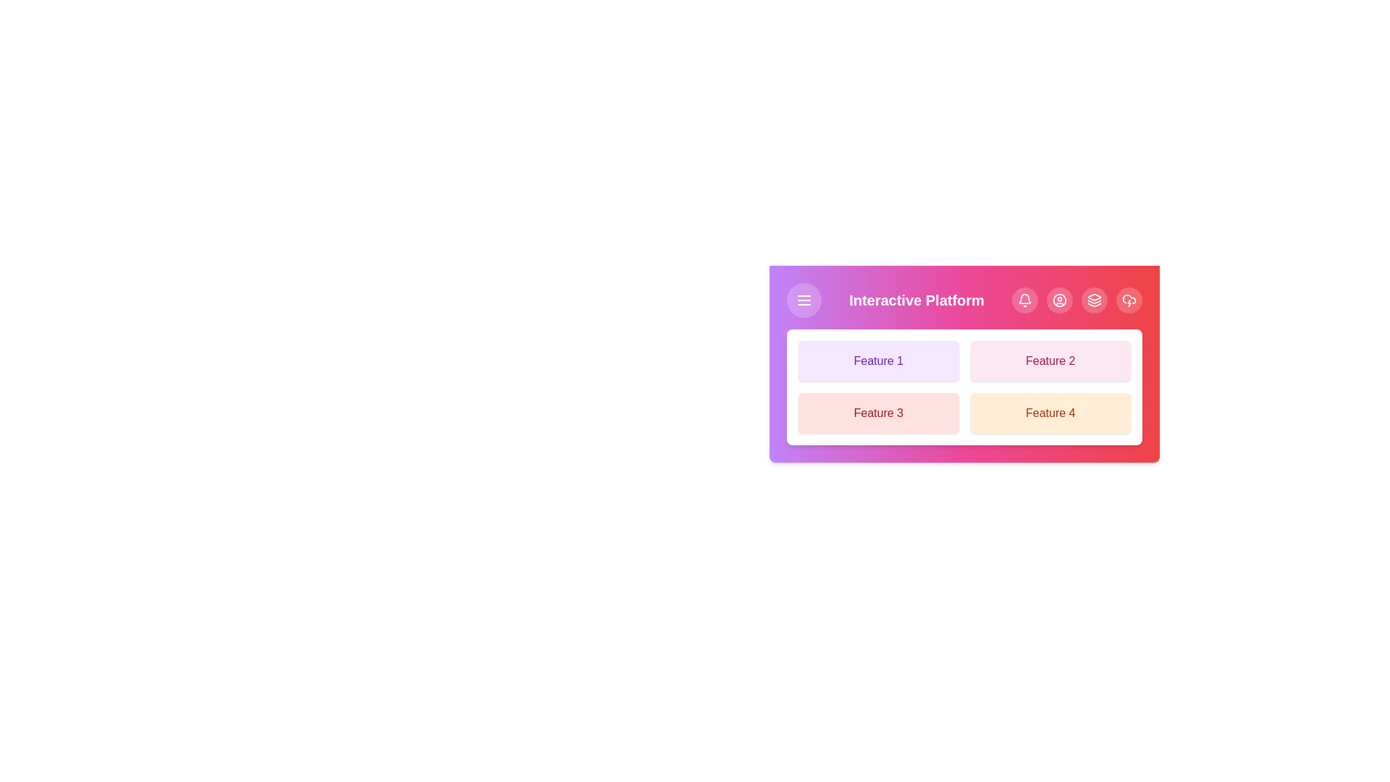 Image resolution: width=1390 pixels, height=782 pixels. Describe the element at coordinates (1129, 300) in the screenshot. I see `the navigation button CloudLightning` at that location.